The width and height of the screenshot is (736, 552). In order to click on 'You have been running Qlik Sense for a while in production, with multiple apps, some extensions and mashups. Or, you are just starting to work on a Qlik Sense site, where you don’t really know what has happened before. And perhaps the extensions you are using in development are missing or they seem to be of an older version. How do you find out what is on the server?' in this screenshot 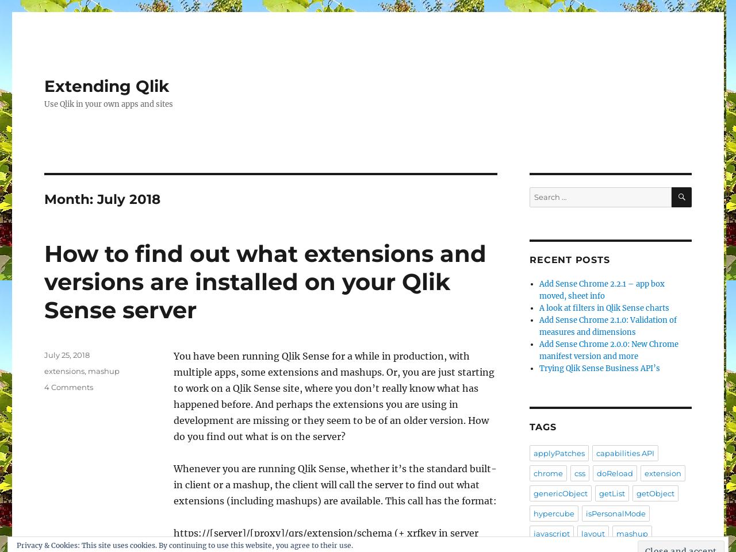, I will do `click(333, 395)`.